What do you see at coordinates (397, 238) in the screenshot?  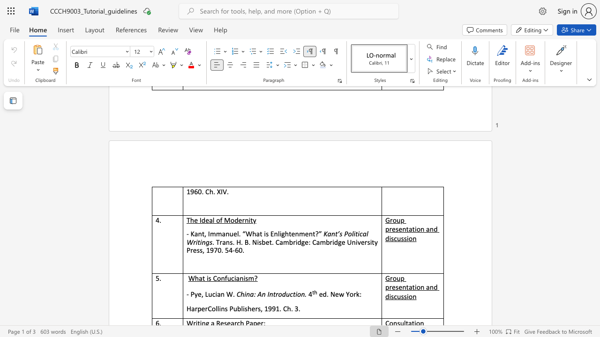 I see `the subset text "ussi" within the text "Group presentation and discussion"` at bounding box center [397, 238].